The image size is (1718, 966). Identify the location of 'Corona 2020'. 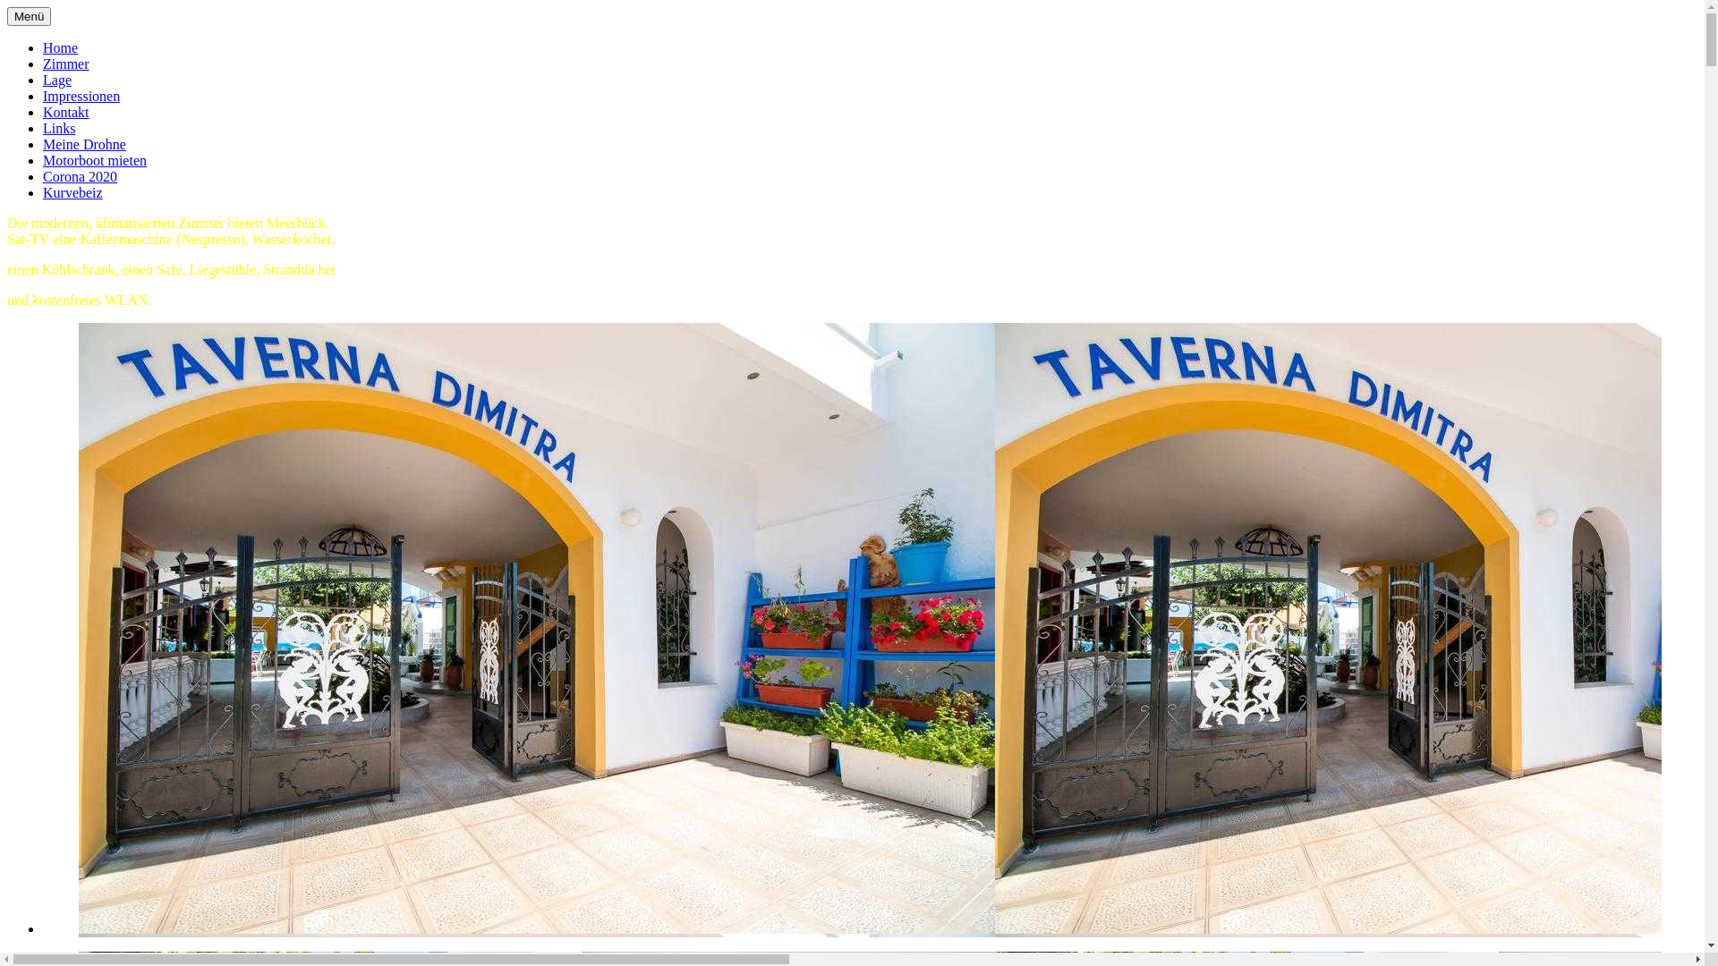
(79, 176).